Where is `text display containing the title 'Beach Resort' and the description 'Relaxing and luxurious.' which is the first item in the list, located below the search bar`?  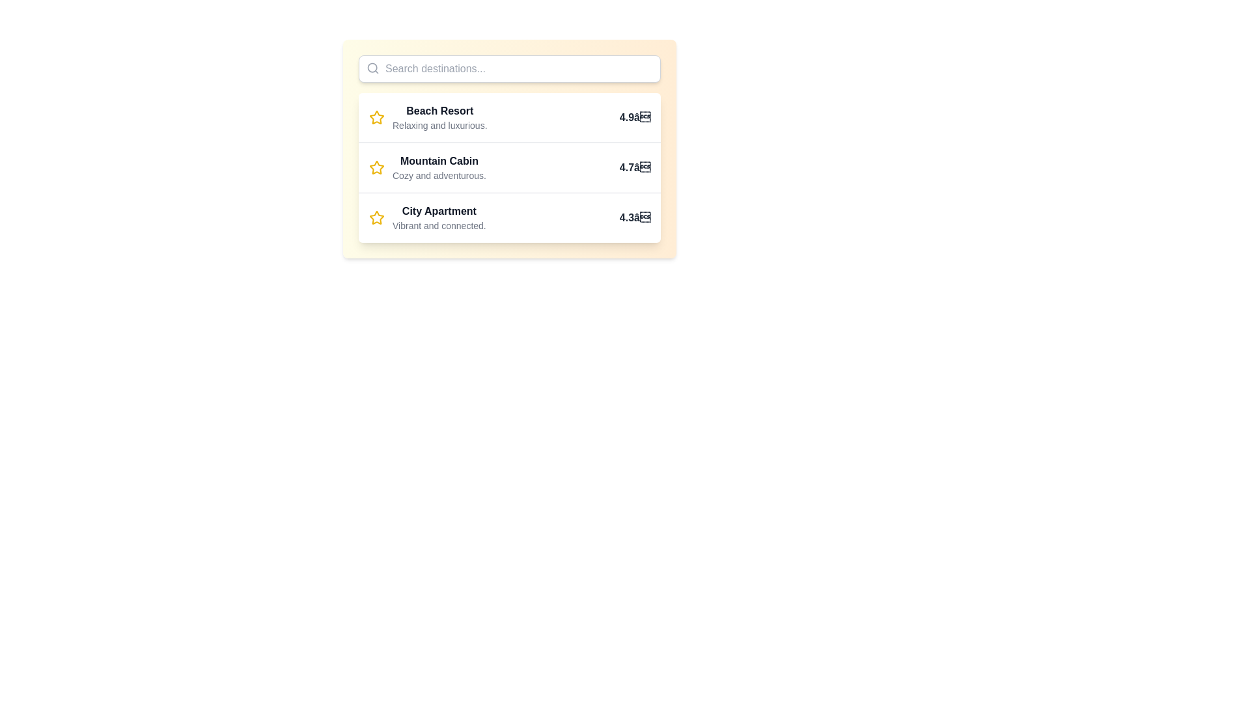 text display containing the title 'Beach Resort' and the description 'Relaxing and luxurious.' which is the first item in the list, located below the search bar is located at coordinates (439, 118).